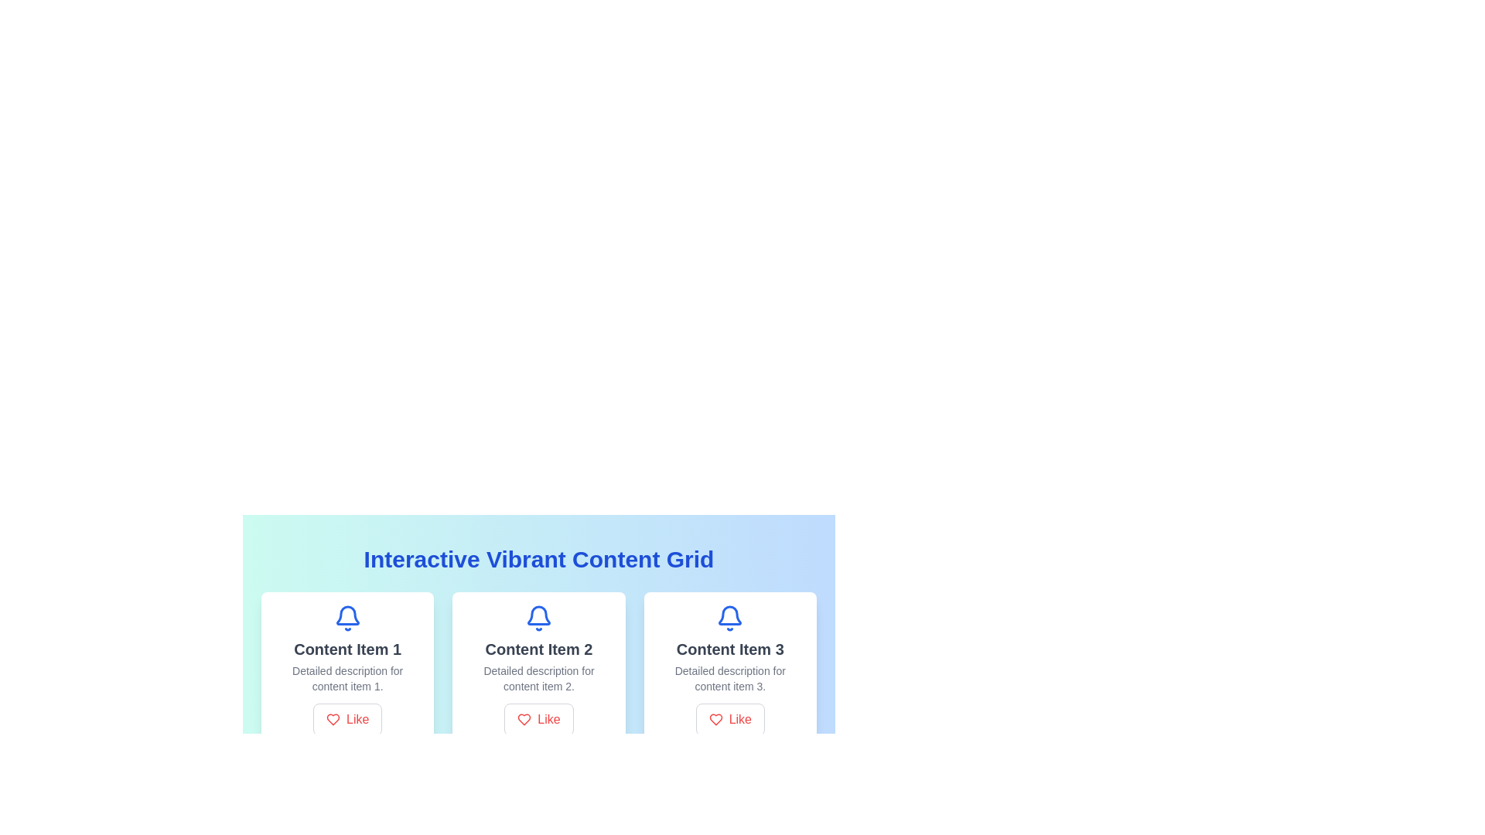 This screenshot has width=1485, height=835. What do you see at coordinates (729, 678) in the screenshot?
I see `the text label reading 'Detailed description for content item 3.' which is part of the content panel for 'Content Item 3'` at bounding box center [729, 678].